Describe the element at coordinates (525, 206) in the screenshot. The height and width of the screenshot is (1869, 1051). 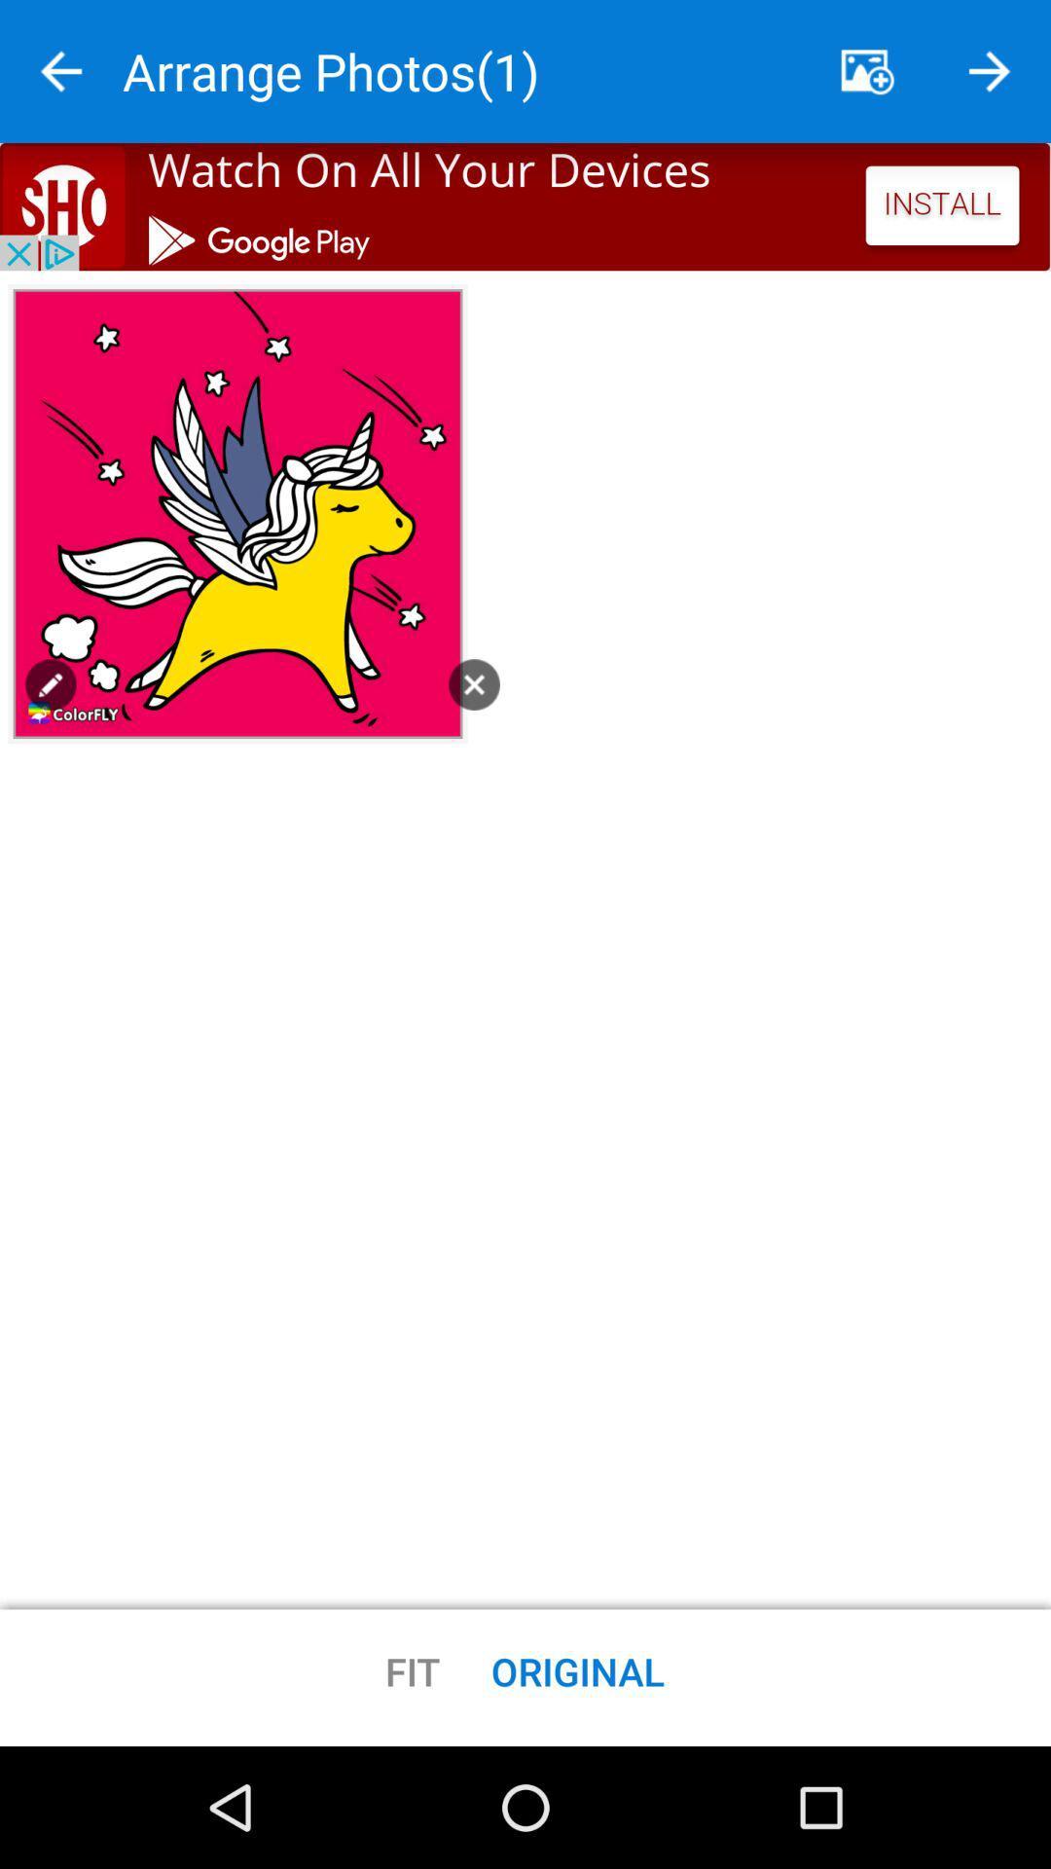
I see `advertisement page` at that location.